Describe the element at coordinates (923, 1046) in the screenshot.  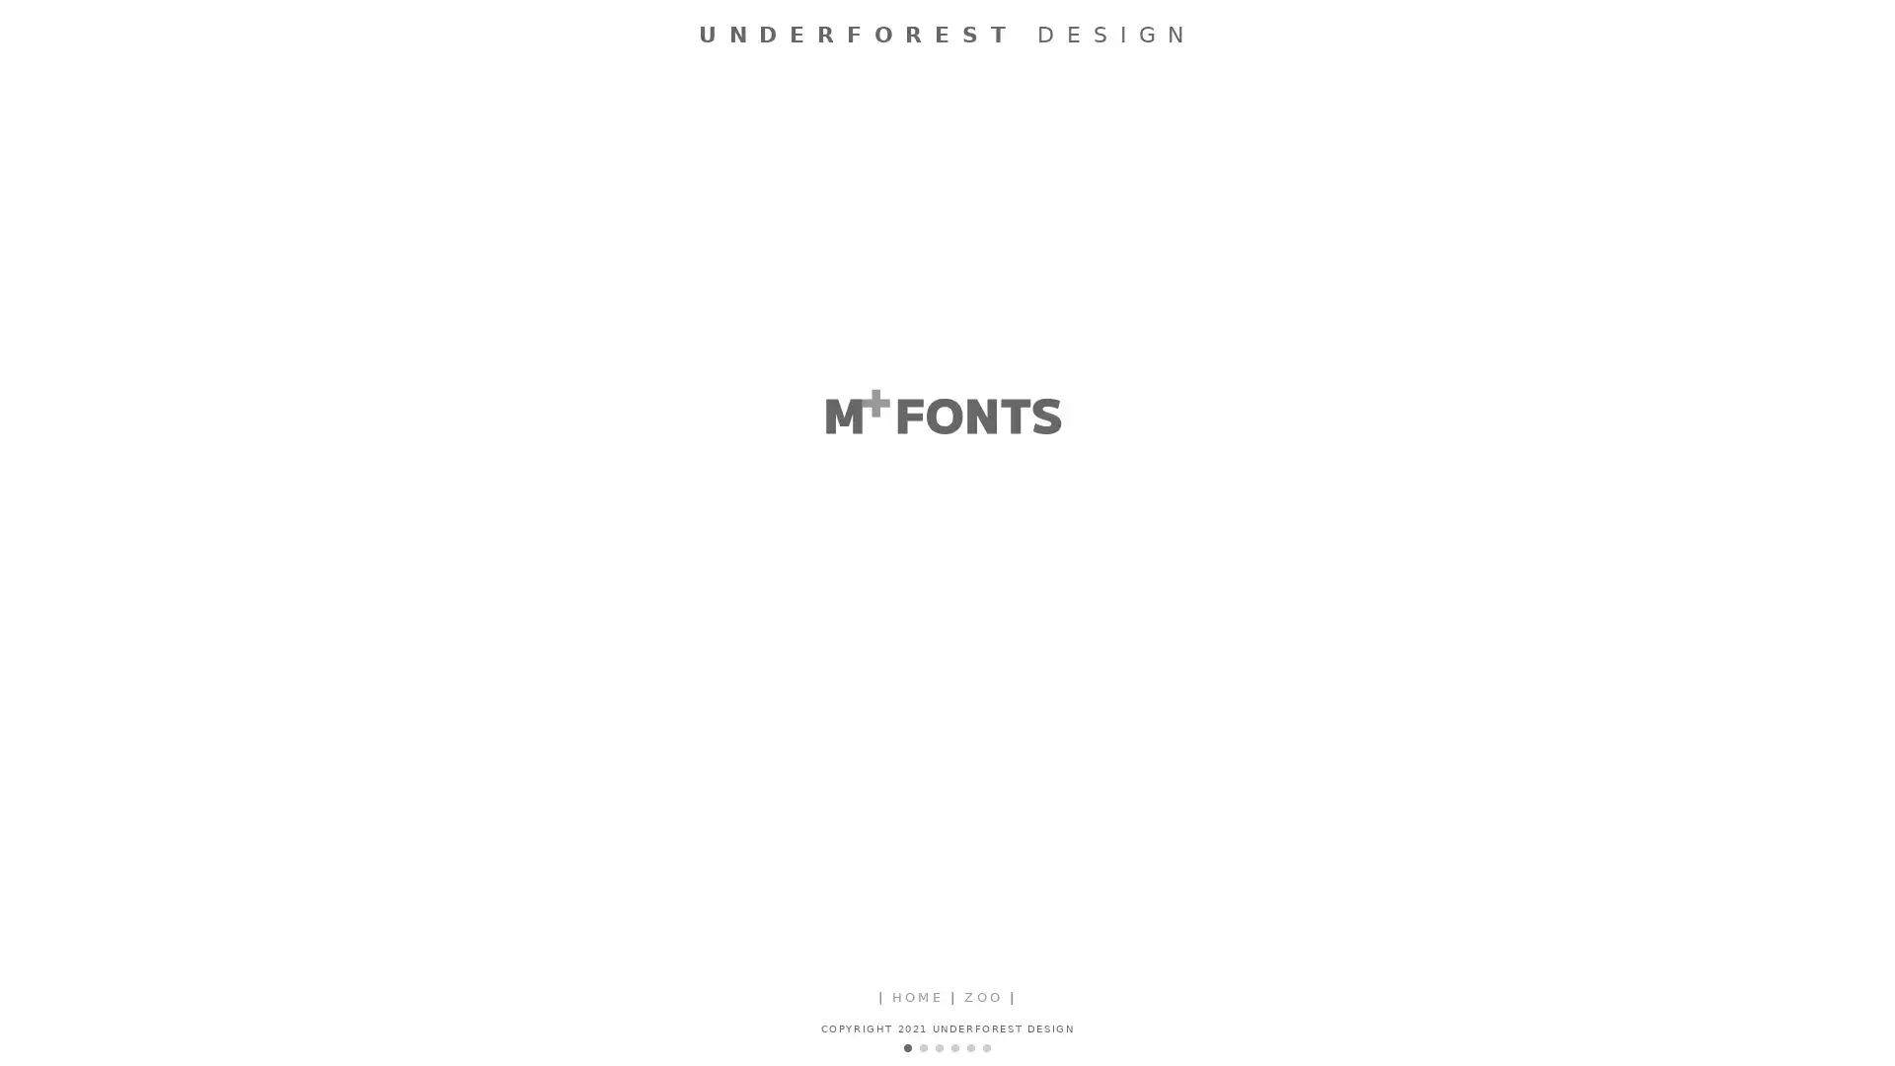
I see `Go to slide 2` at that location.